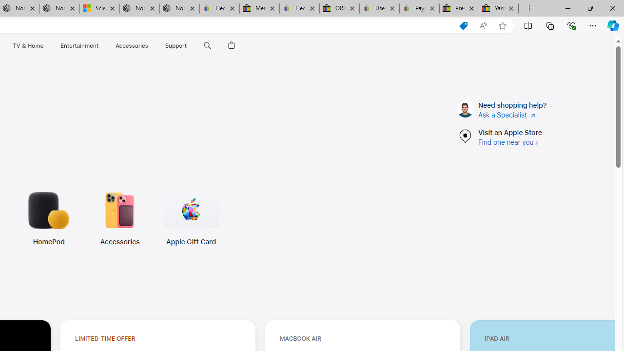  What do you see at coordinates (231, 45) in the screenshot?
I see `'AutomationID: globalnav-bag'` at bounding box center [231, 45].